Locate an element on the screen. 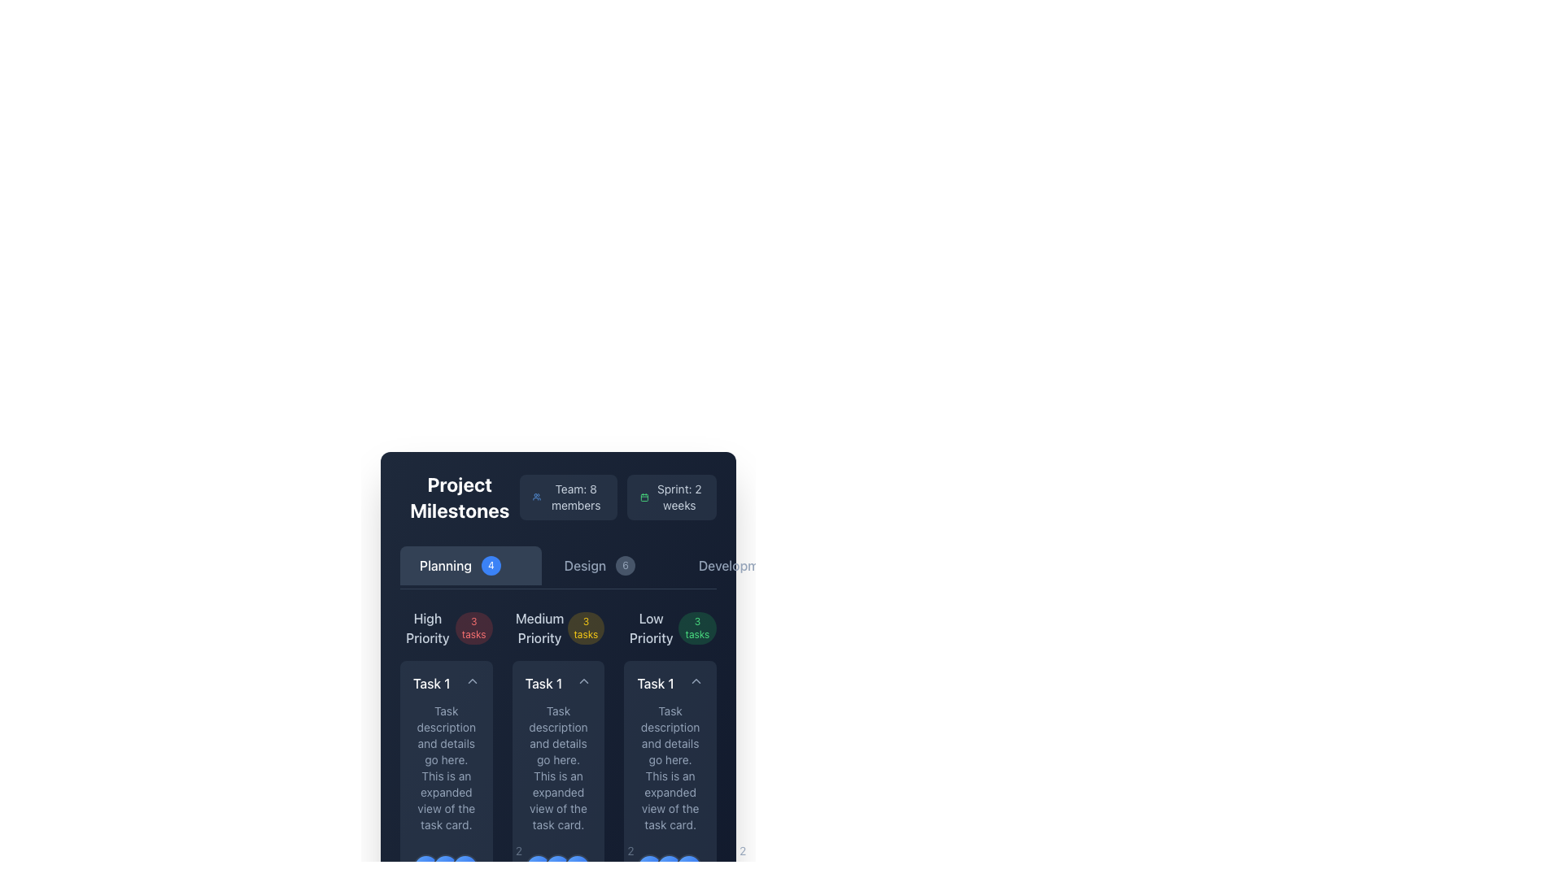 The image size is (1562, 878). the text label displaying 'Task 1' within the 'High Priority' column of the task card layout in the 'Planning' section of the 'Project Milestones' area is located at coordinates (431, 683).